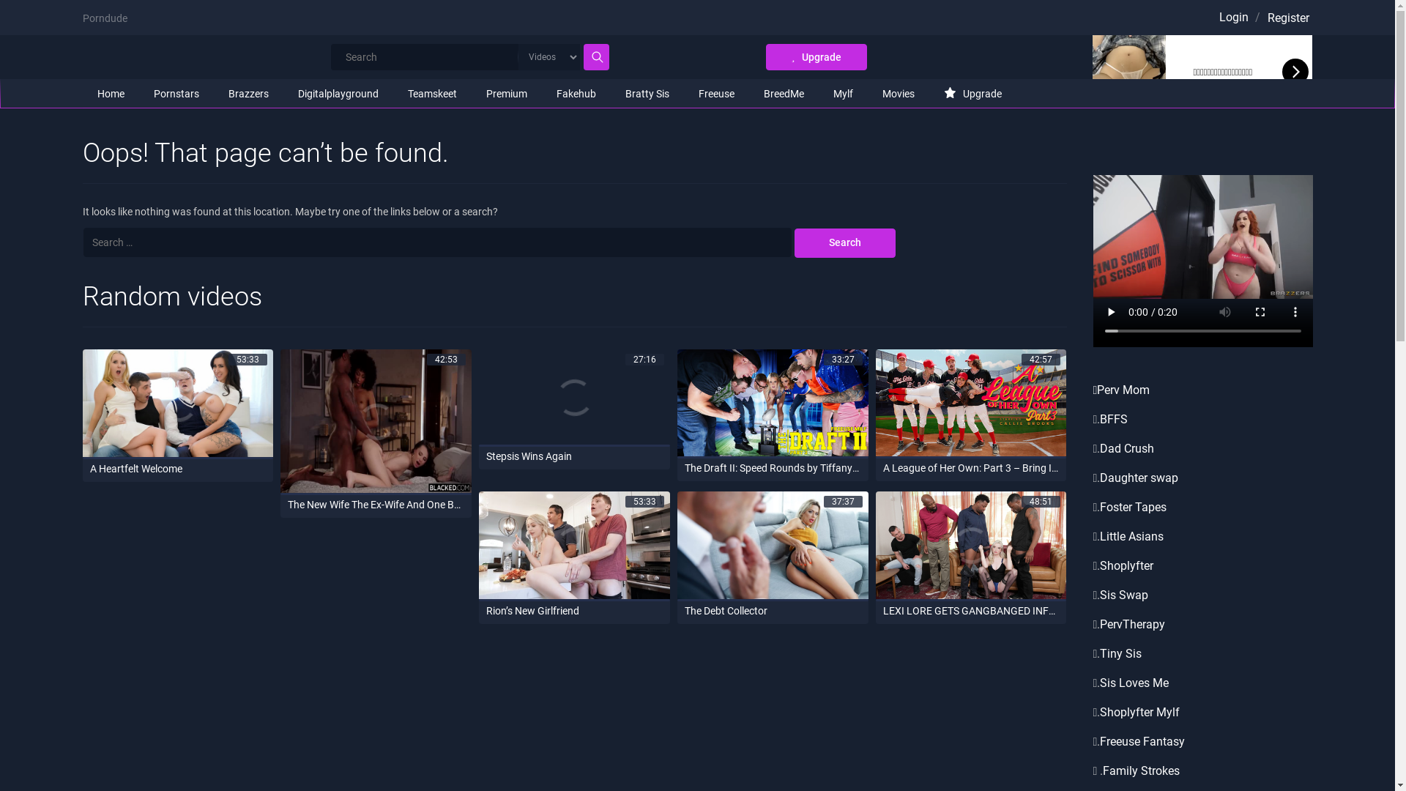  Describe the element at coordinates (1140, 770) in the screenshot. I see `'Family Strokes'` at that location.